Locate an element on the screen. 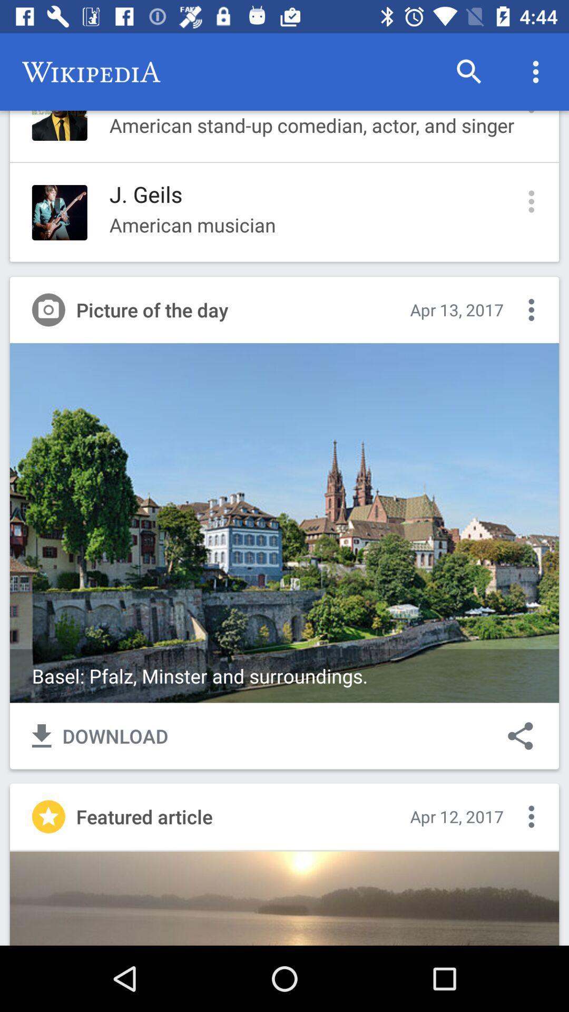  the camera option to the left of picture of the day text is located at coordinates (48, 309).